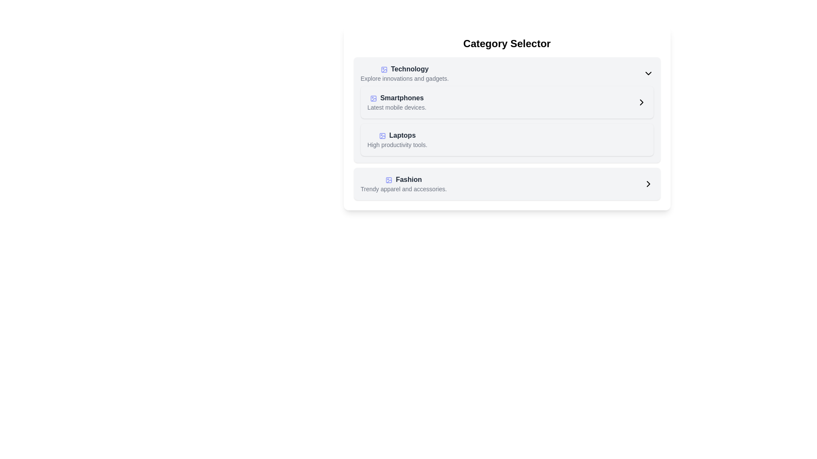  I want to click on keyboard navigation, so click(507, 121).